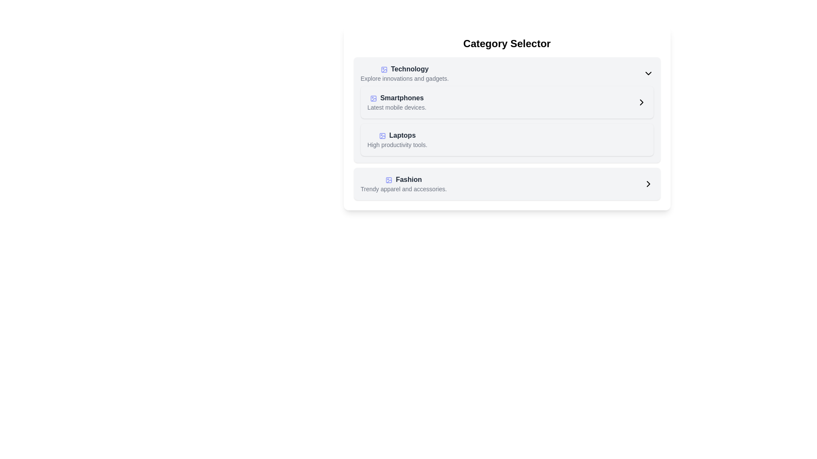  I want to click on keyboard navigation, so click(507, 121).